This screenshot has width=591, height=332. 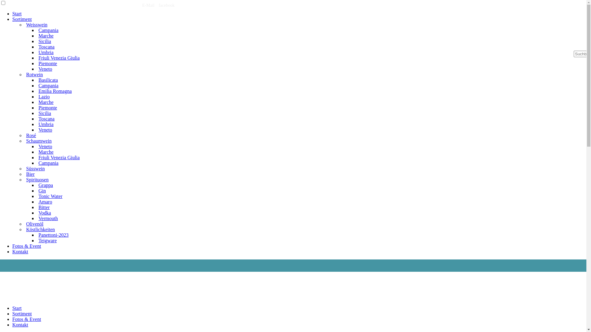 I want to click on 'Campania', so click(x=48, y=85).